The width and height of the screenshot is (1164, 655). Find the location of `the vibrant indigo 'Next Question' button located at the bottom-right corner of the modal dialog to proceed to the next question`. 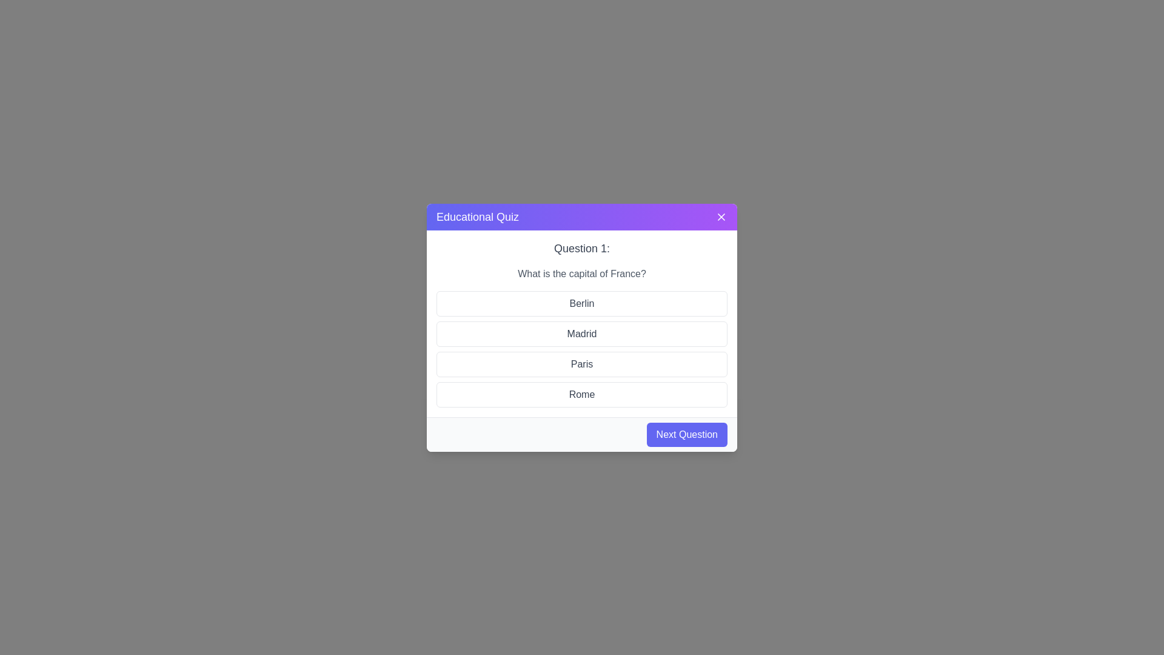

the vibrant indigo 'Next Question' button located at the bottom-right corner of the modal dialog to proceed to the next question is located at coordinates (687, 434).